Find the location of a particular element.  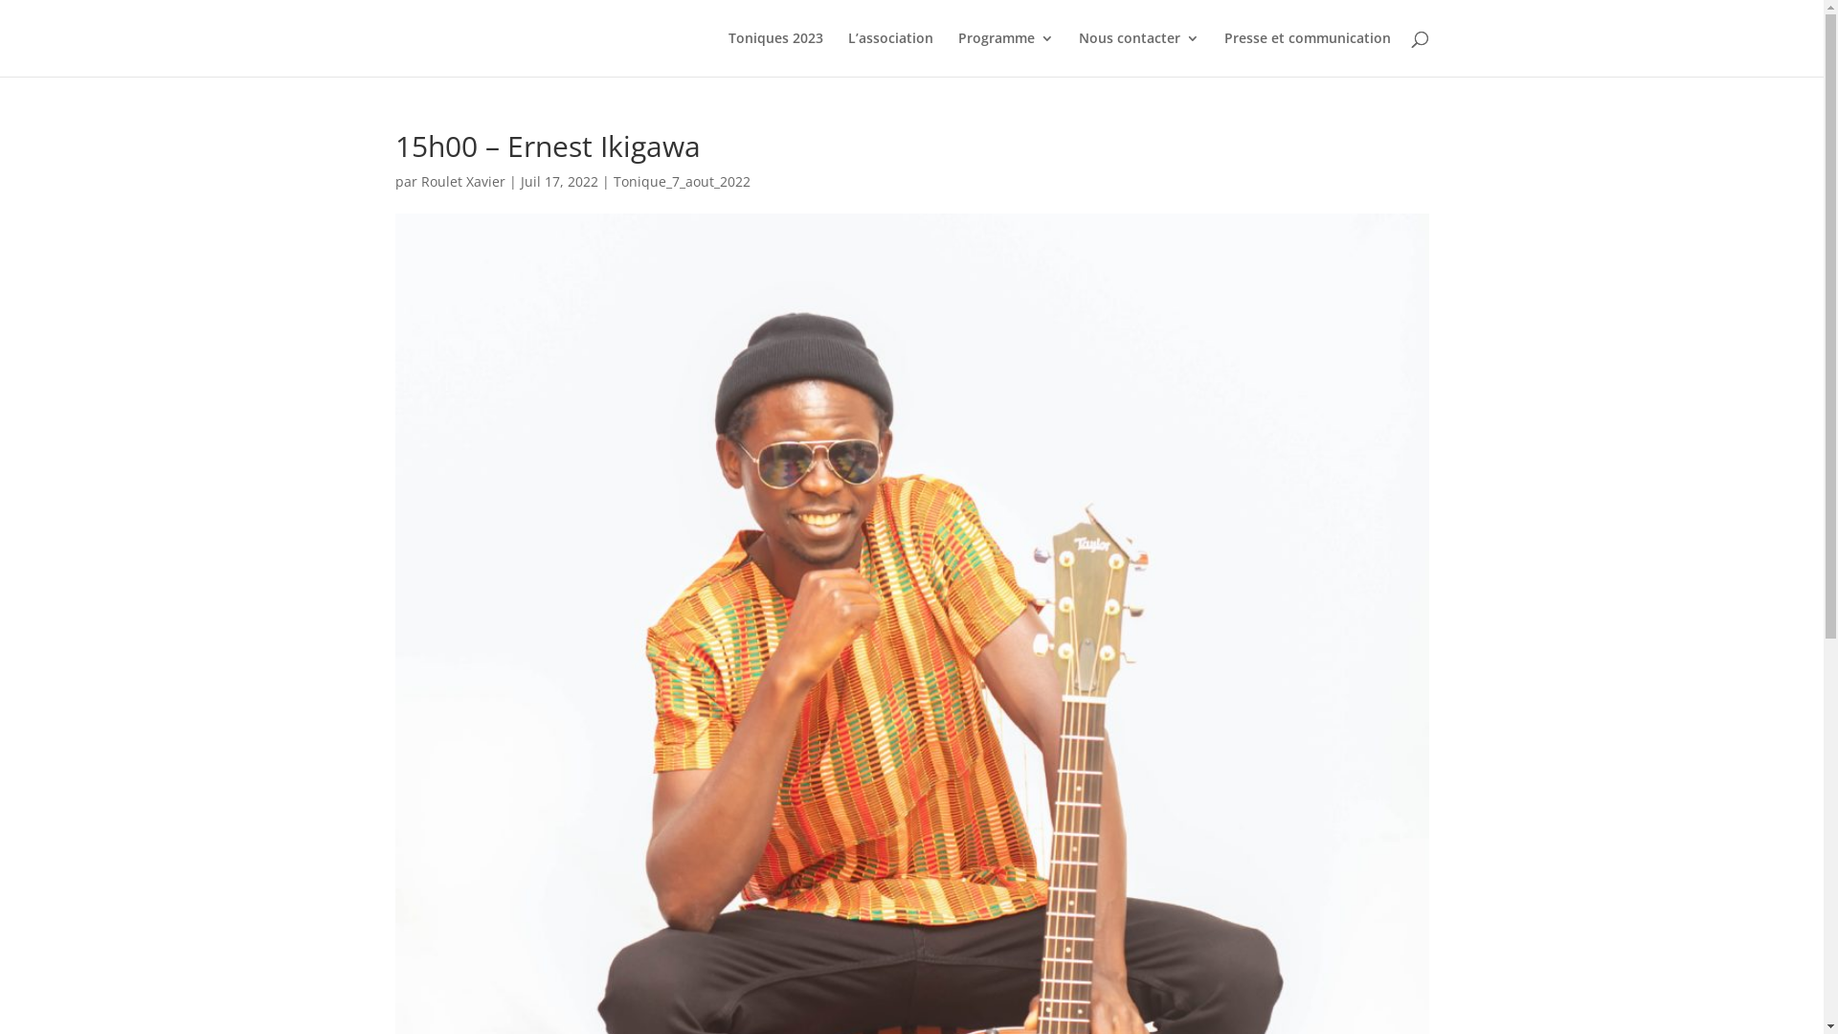

'Toniques 2023' is located at coordinates (774, 53).